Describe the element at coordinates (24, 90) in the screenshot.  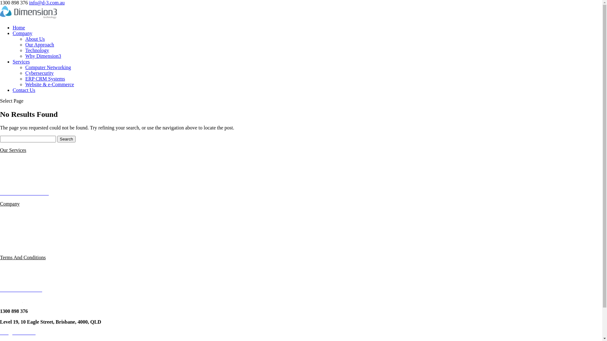
I see `'Contact Us'` at that location.